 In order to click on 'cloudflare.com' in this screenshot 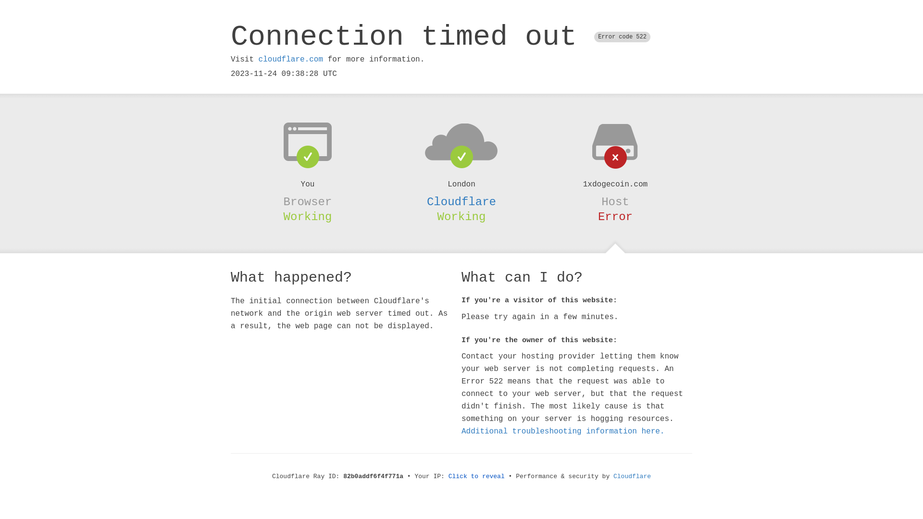, I will do `click(290, 59)`.